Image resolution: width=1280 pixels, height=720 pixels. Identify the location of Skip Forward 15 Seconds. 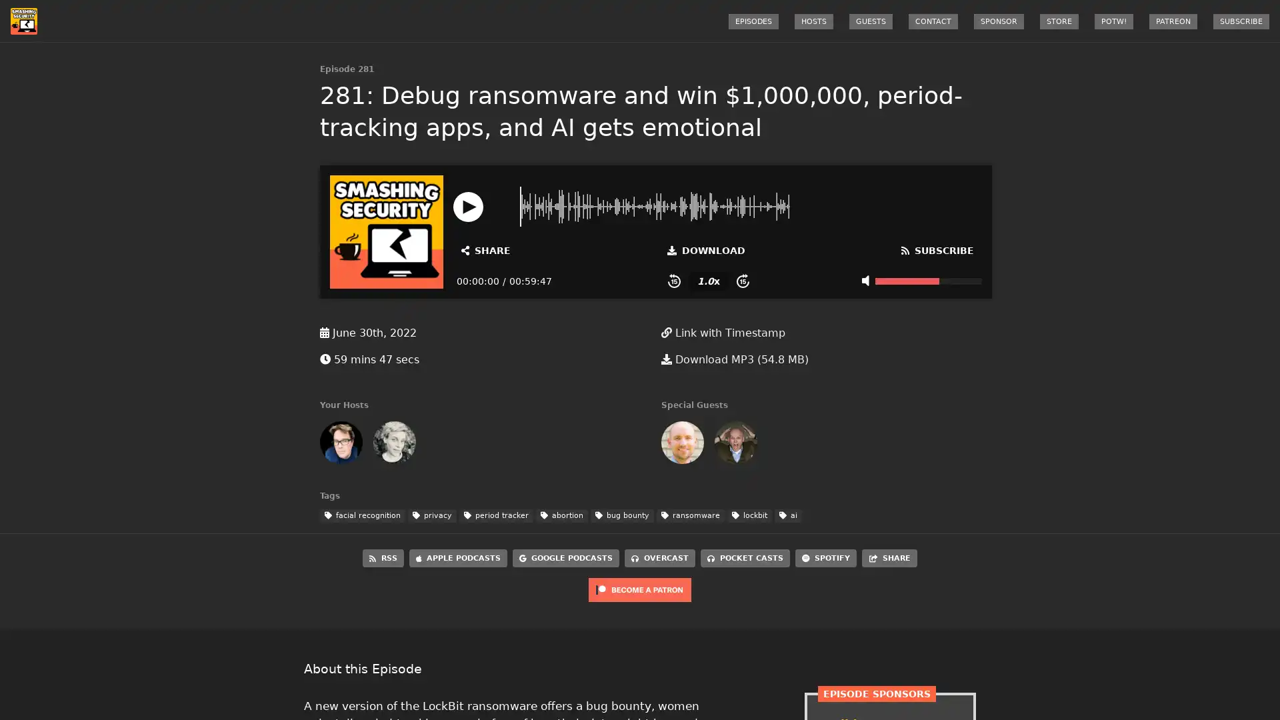
(742, 279).